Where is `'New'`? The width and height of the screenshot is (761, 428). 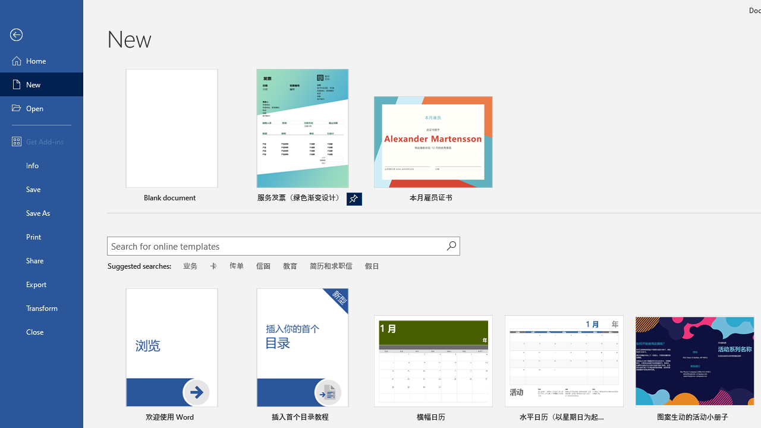
'New' is located at coordinates (41, 83).